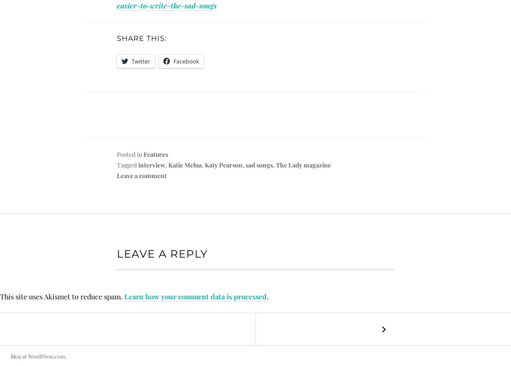 This screenshot has width=511, height=366. What do you see at coordinates (61, 296) in the screenshot?
I see `'This site uses Akismet to reduce spam.'` at bounding box center [61, 296].